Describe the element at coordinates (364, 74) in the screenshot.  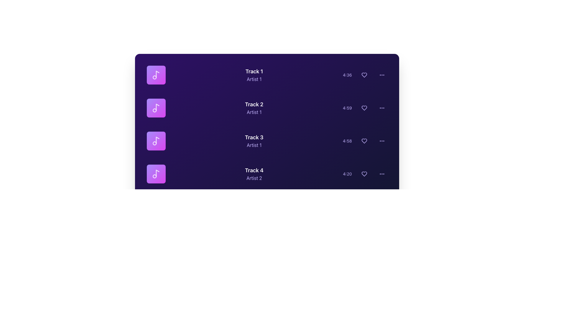
I see `the heart icon in the first row of the track list` at that location.